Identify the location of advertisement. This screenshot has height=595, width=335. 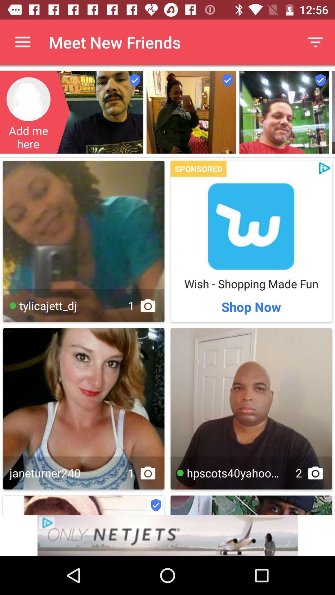
(167, 535).